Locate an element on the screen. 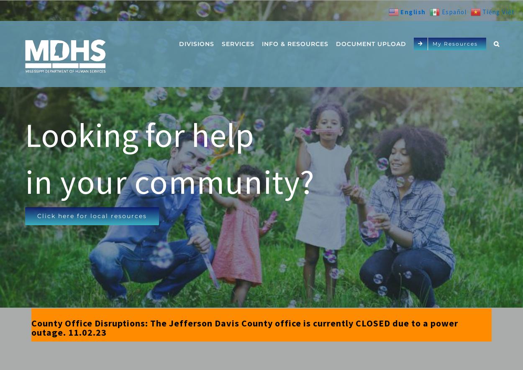  'EPPICard' is located at coordinates (243, 127).